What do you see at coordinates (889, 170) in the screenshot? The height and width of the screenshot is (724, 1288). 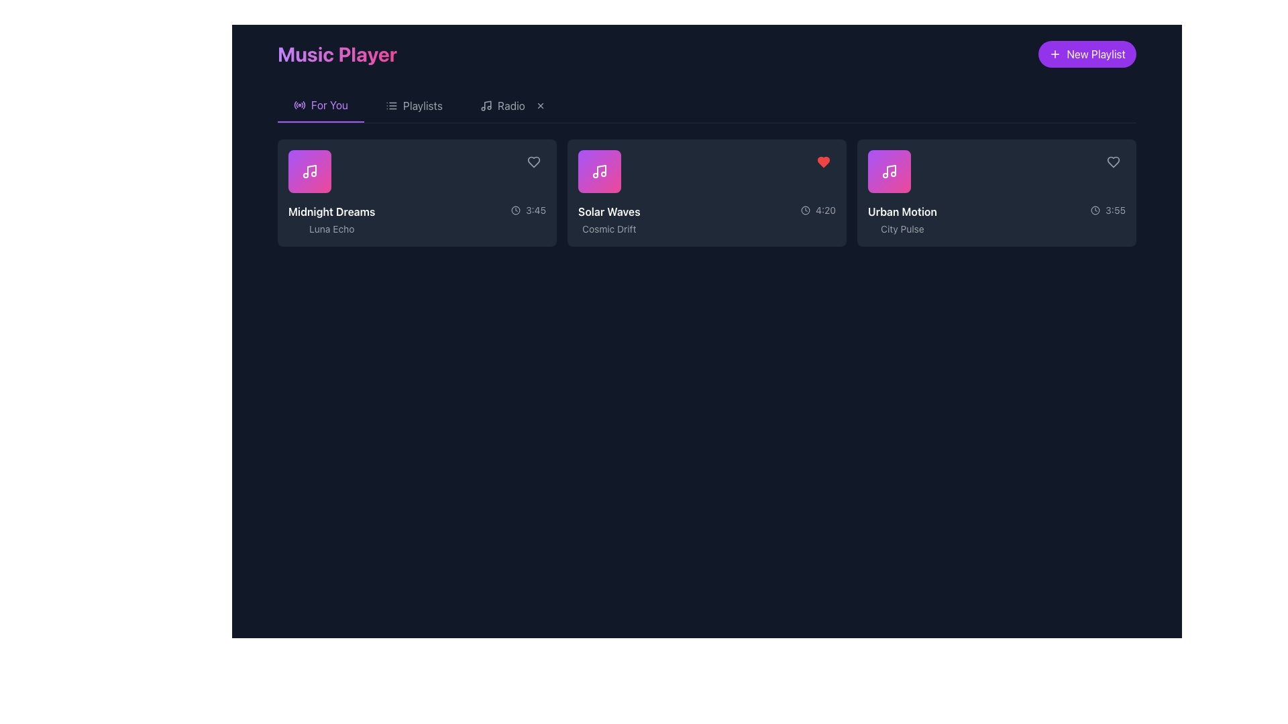 I see `the musical note icon with a pink gradient background located` at bounding box center [889, 170].